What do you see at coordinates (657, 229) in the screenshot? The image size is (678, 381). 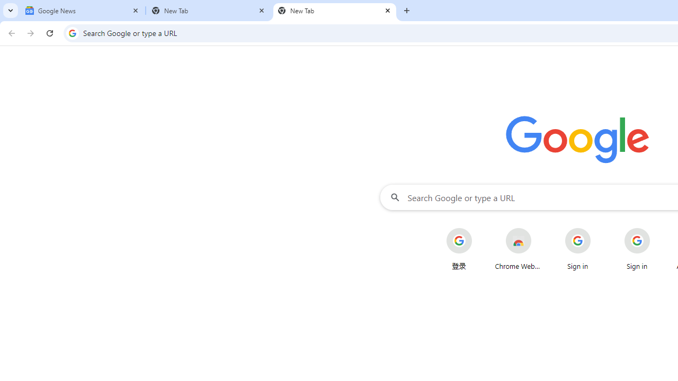 I see `'More actions for Sign in shortcut'` at bounding box center [657, 229].